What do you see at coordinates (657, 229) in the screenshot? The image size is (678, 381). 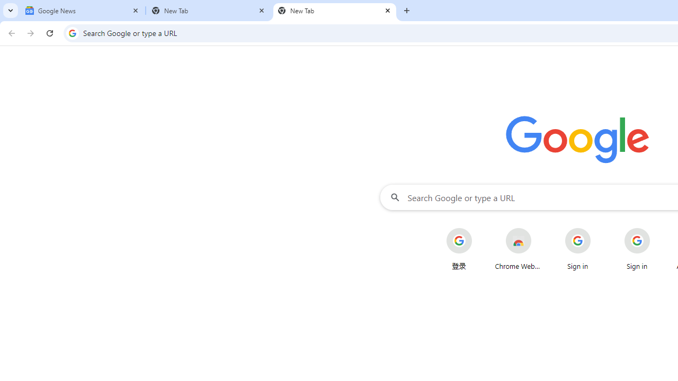 I see `'More actions for Sign in shortcut'` at bounding box center [657, 229].